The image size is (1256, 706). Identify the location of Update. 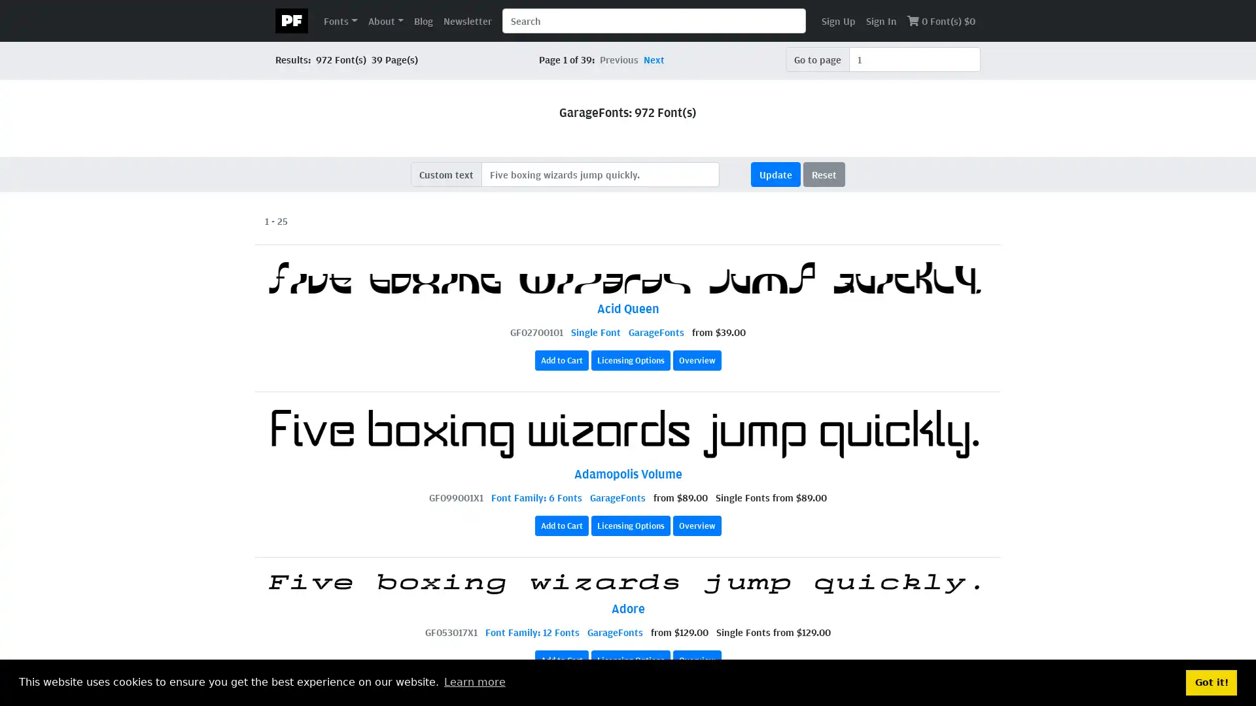
(775, 173).